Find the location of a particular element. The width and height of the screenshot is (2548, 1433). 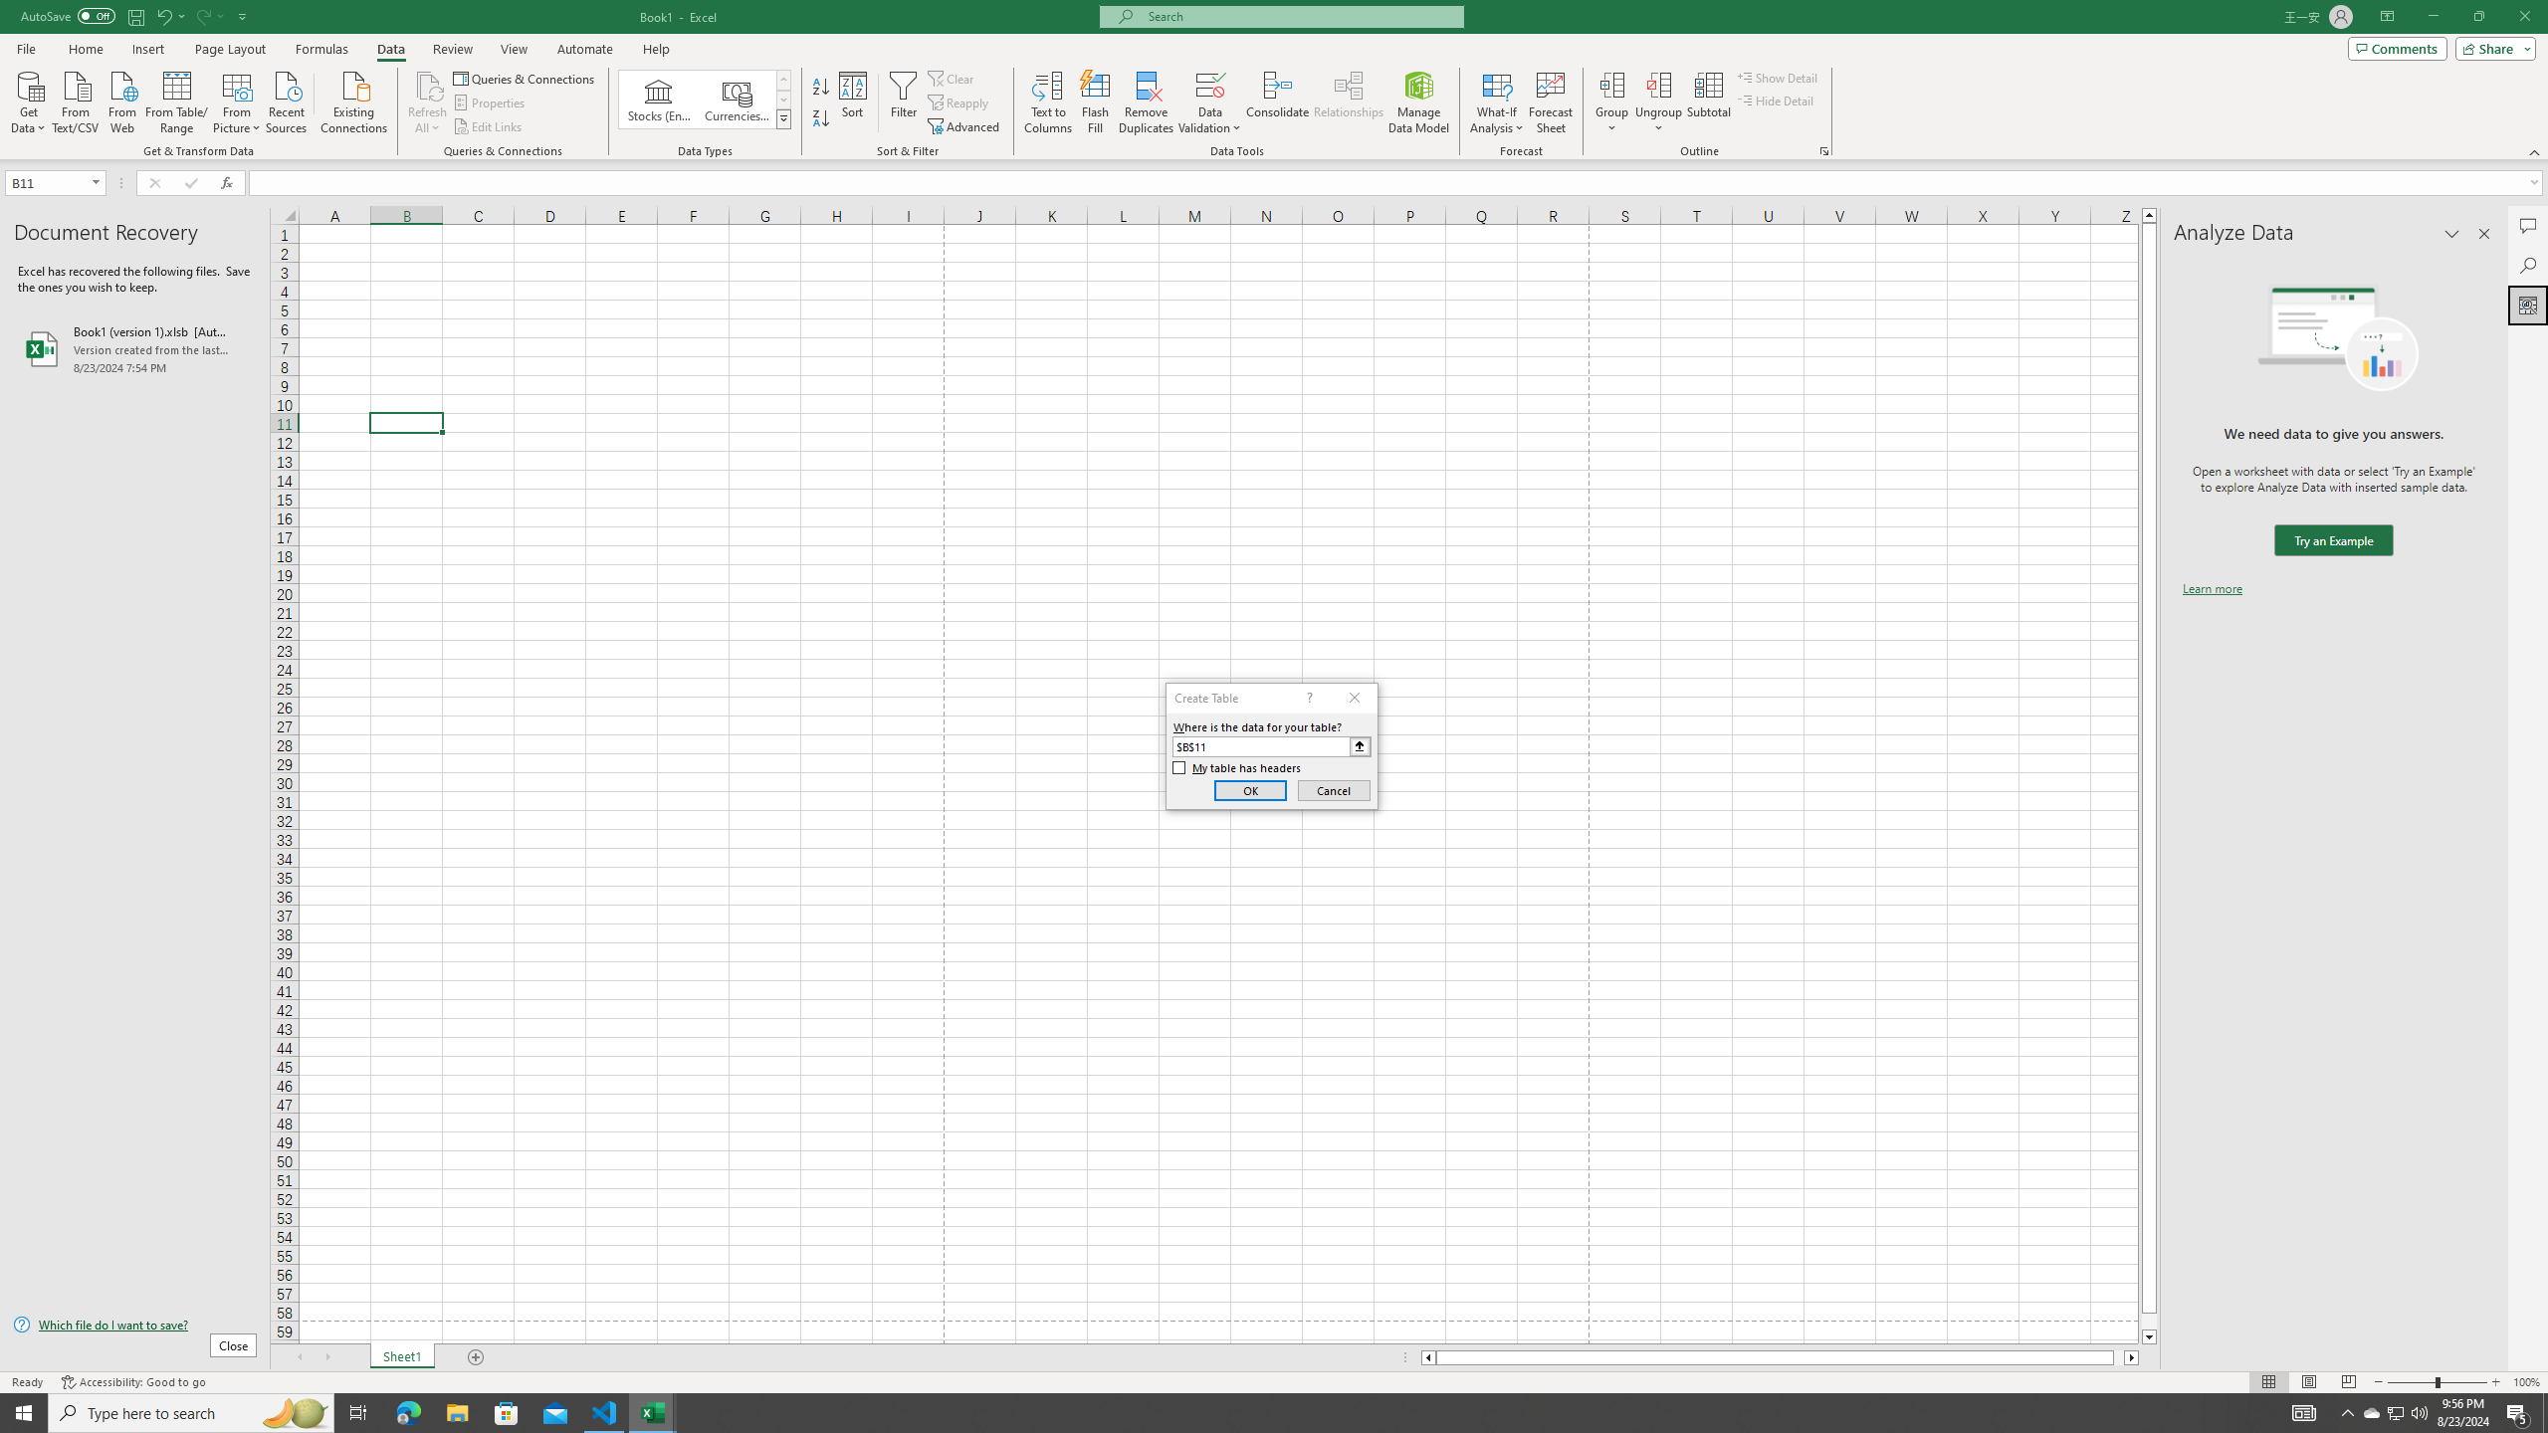

'Group...' is located at coordinates (1611, 84).